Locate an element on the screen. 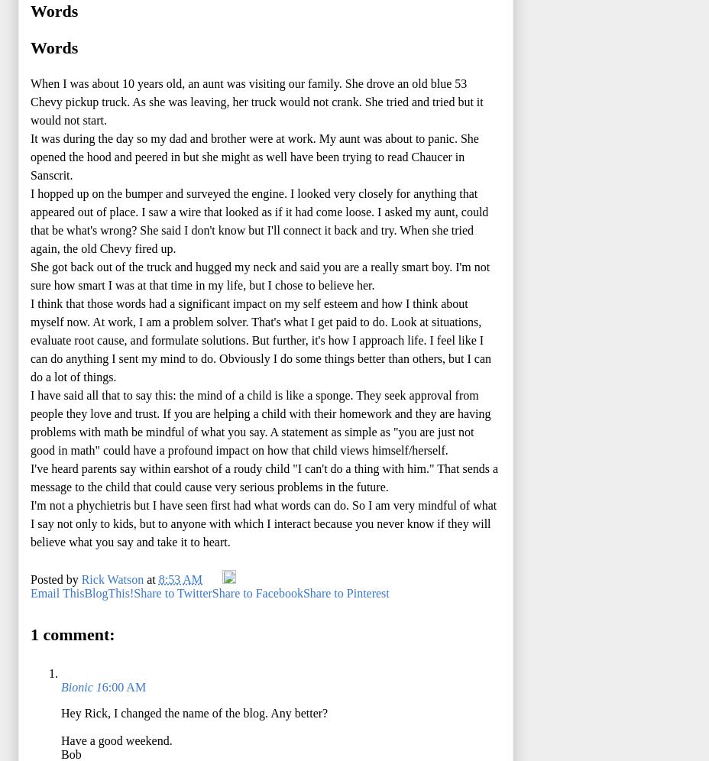 This screenshot has width=709, height=761. 'Have a good weekend.' is located at coordinates (116, 740).